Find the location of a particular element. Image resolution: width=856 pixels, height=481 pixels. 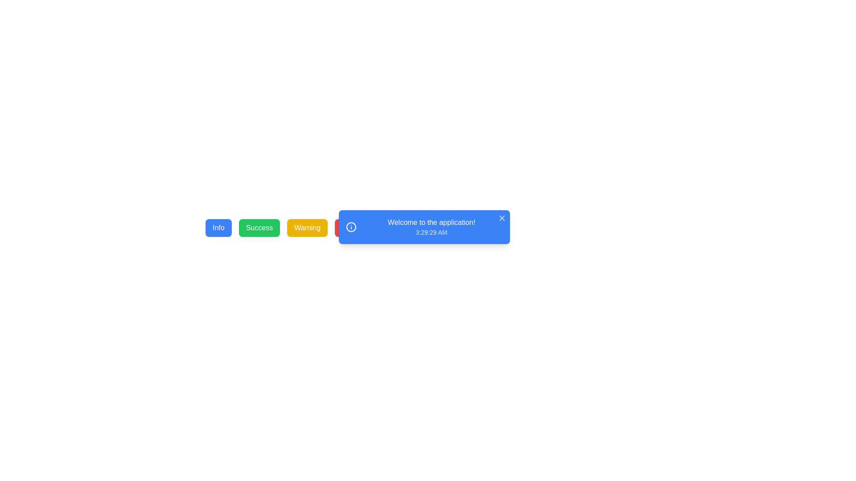

the second button in a horizontal row of buttons, positioned between the blue 'Info' button and the yellow 'Warning' button, to change its appearance is located at coordinates (259, 228).